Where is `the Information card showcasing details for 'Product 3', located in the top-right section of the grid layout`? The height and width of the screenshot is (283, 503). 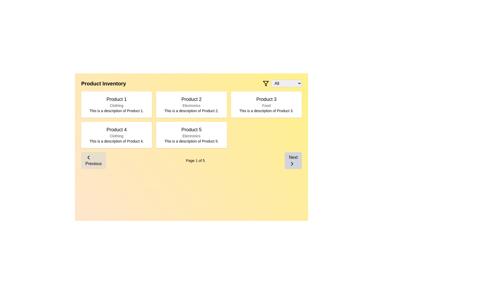
the Information card showcasing details for 'Product 3', located in the top-right section of the grid layout is located at coordinates (266, 104).